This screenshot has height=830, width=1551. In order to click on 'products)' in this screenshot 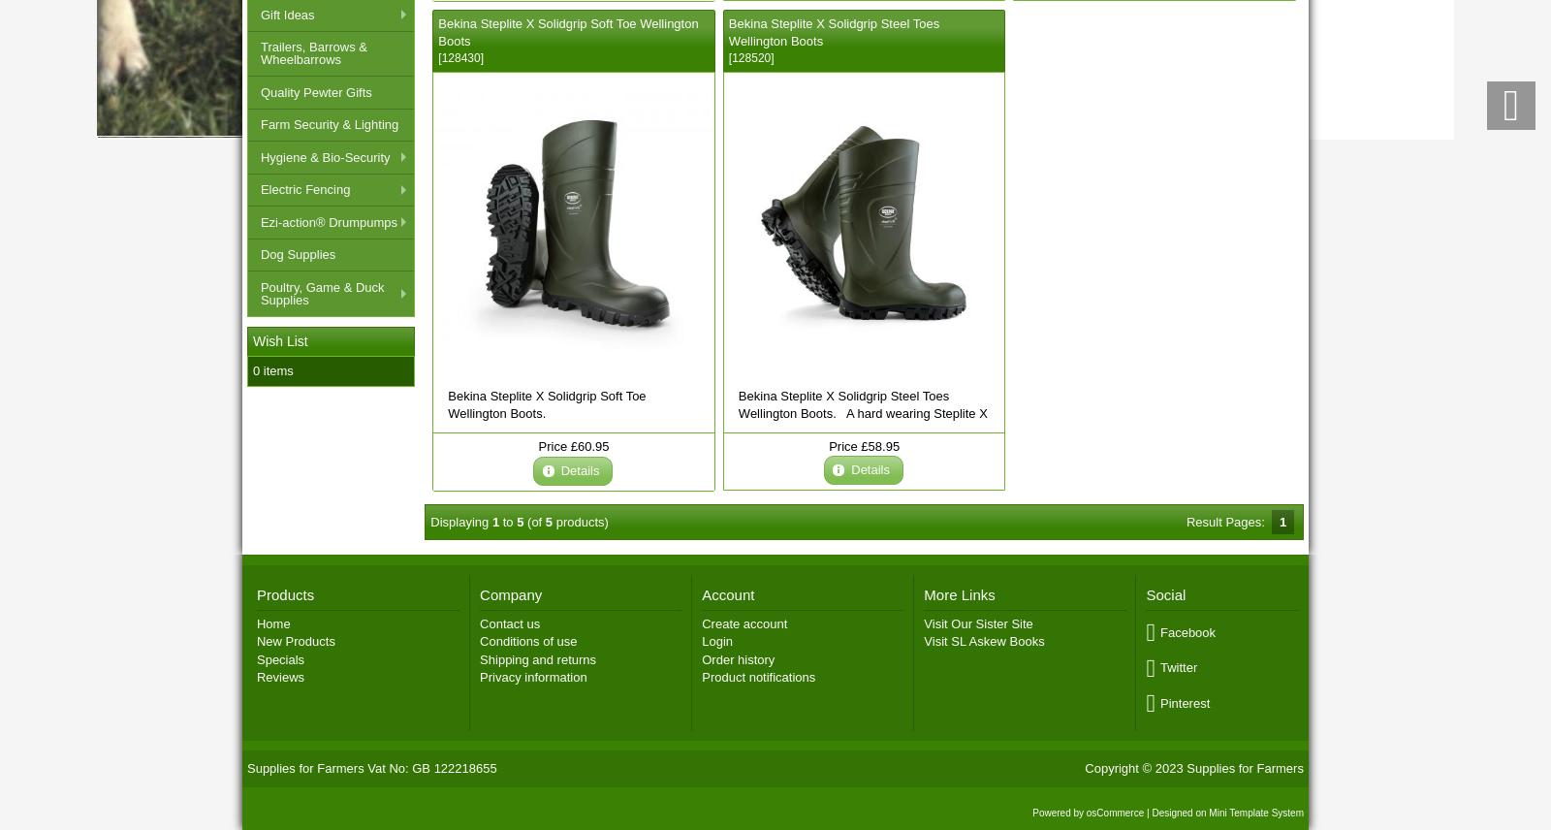, I will do `click(579, 521)`.